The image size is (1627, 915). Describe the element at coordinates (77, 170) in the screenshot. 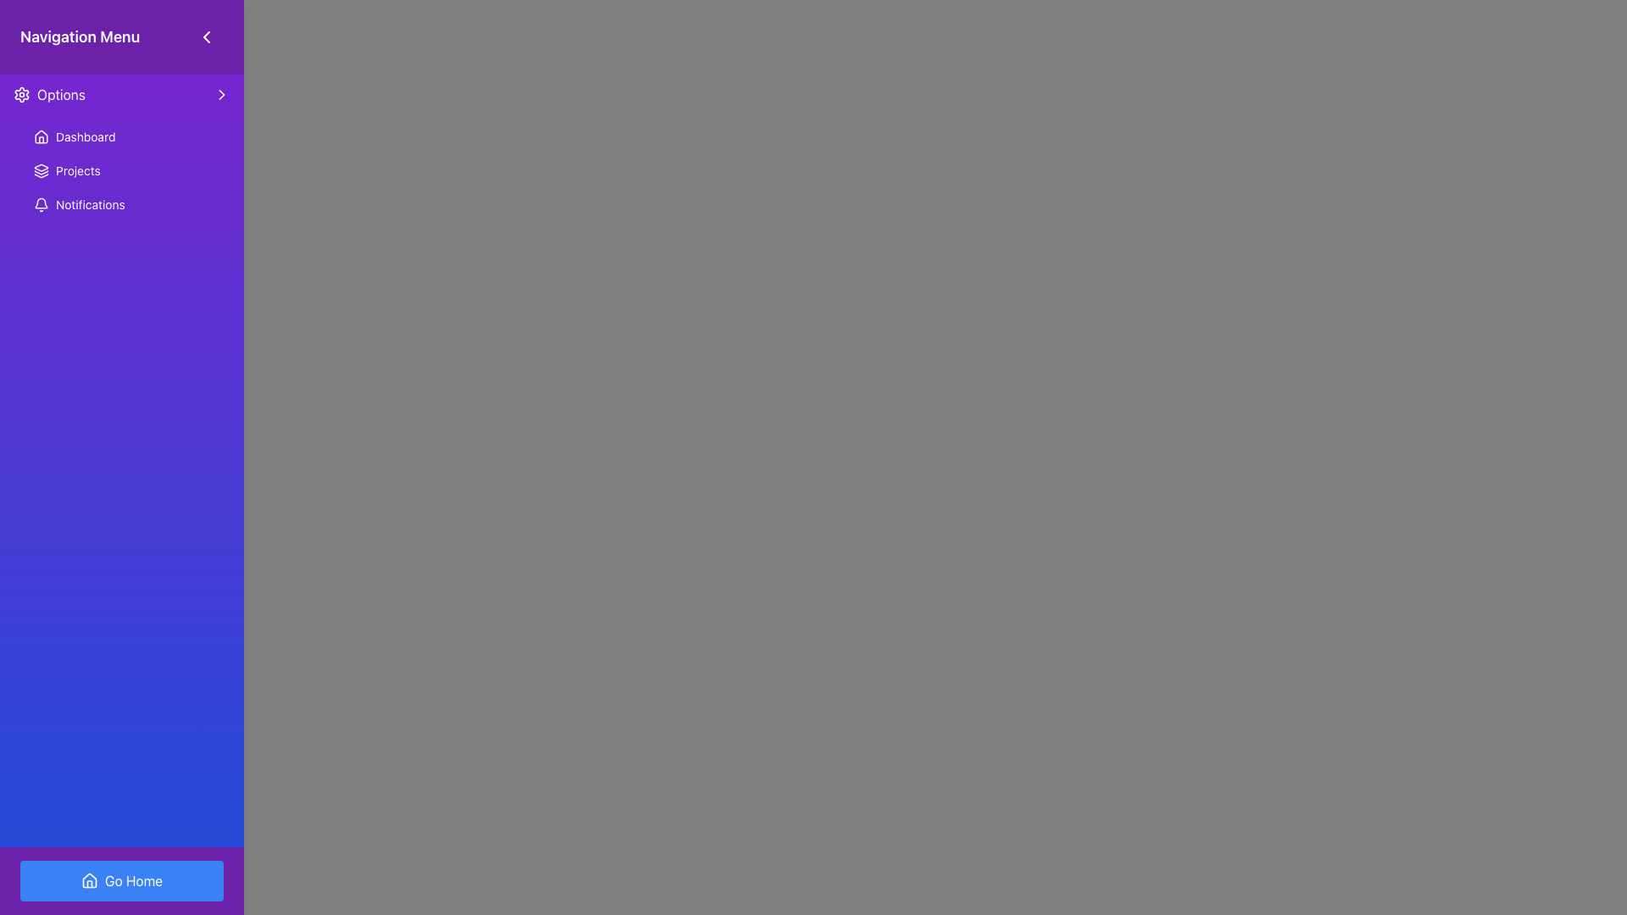

I see `the 'Projects' text label in the navigation menu, which is located below 'Dashboard' and above 'Notifications', featuring a white font on a purple background` at that location.